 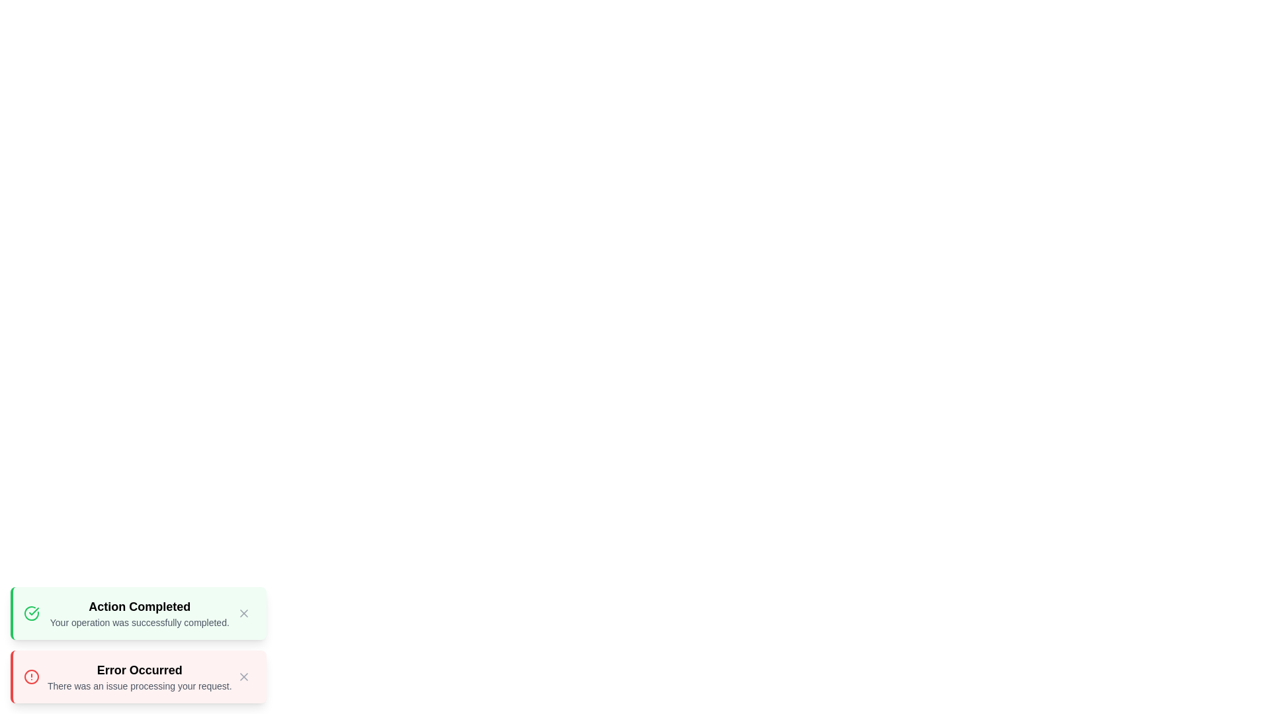 I want to click on the text content of the alert with title Error Occurred, so click(x=140, y=670).